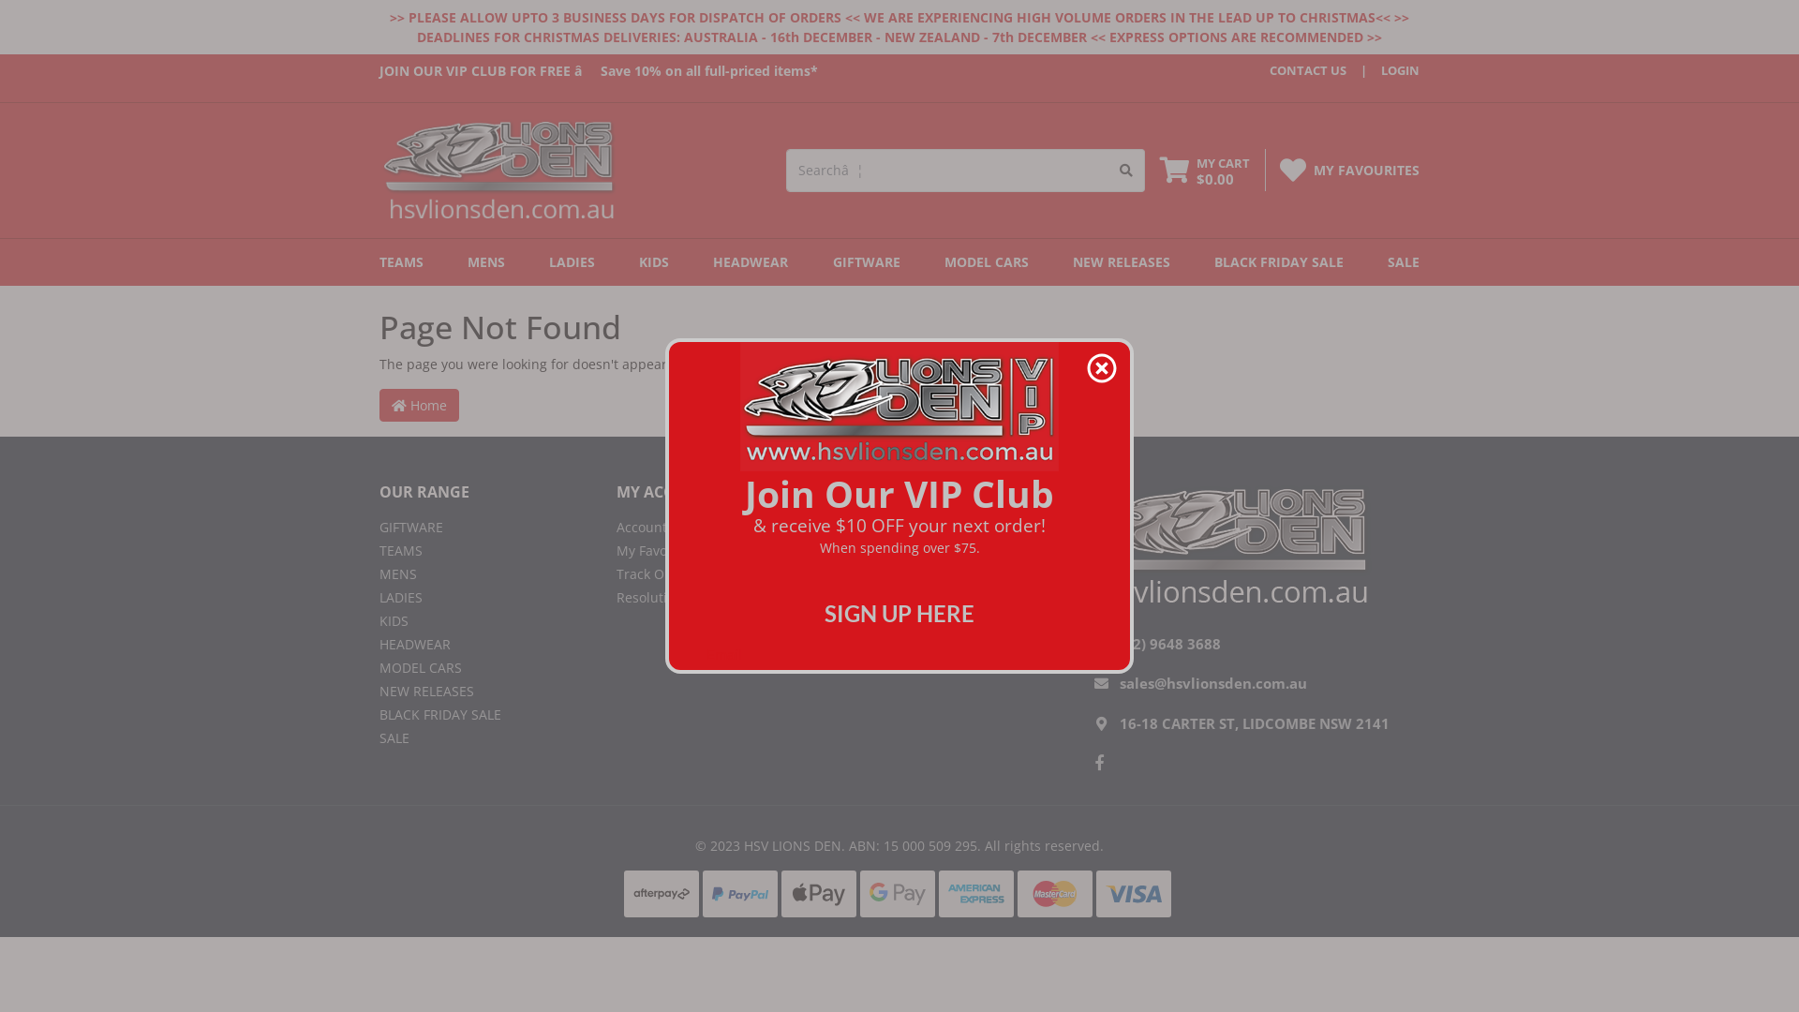 This screenshot has height=1012, width=1799. I want to click on 'Facebook', so click(1099, 762).